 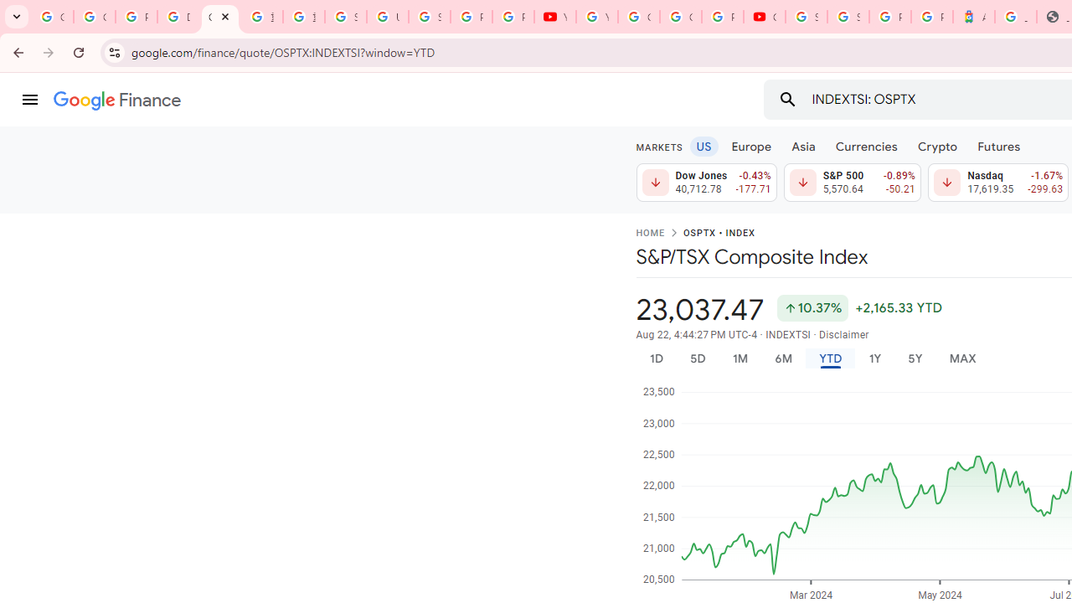 What do you see at coordinates (962, 358) in the screenshot?
I see `'MAX'` at bounding box center [962, 358].